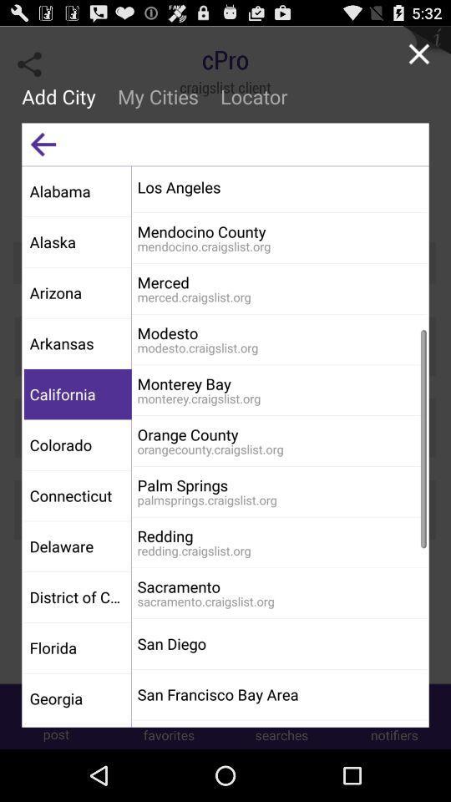  What do you see at coordinates (418, 53) in the screenshot?
I see `close` at bounding box center [418, 53].